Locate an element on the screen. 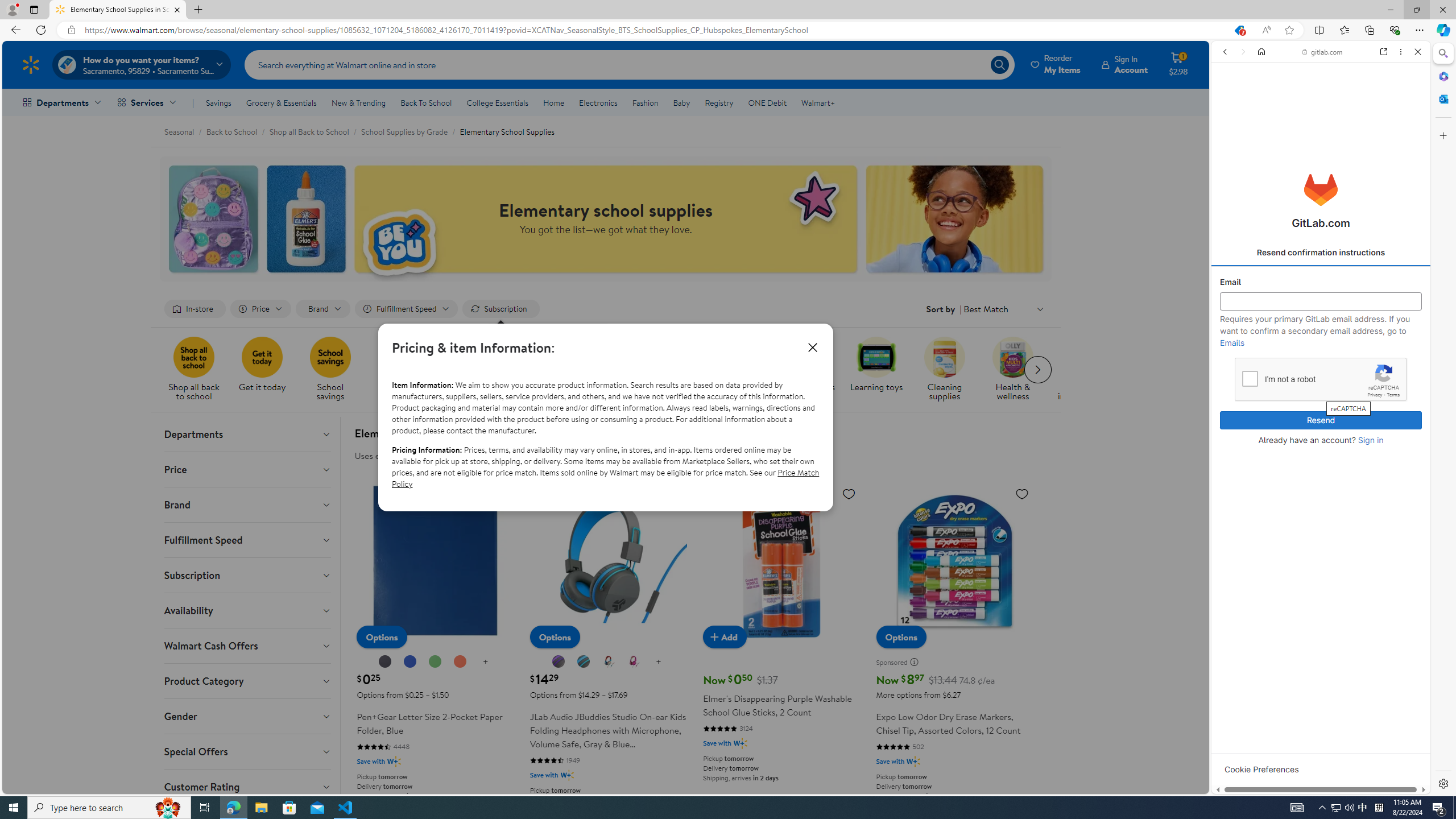  'Cookie Preferences' is located at coordinates (1261, 768).